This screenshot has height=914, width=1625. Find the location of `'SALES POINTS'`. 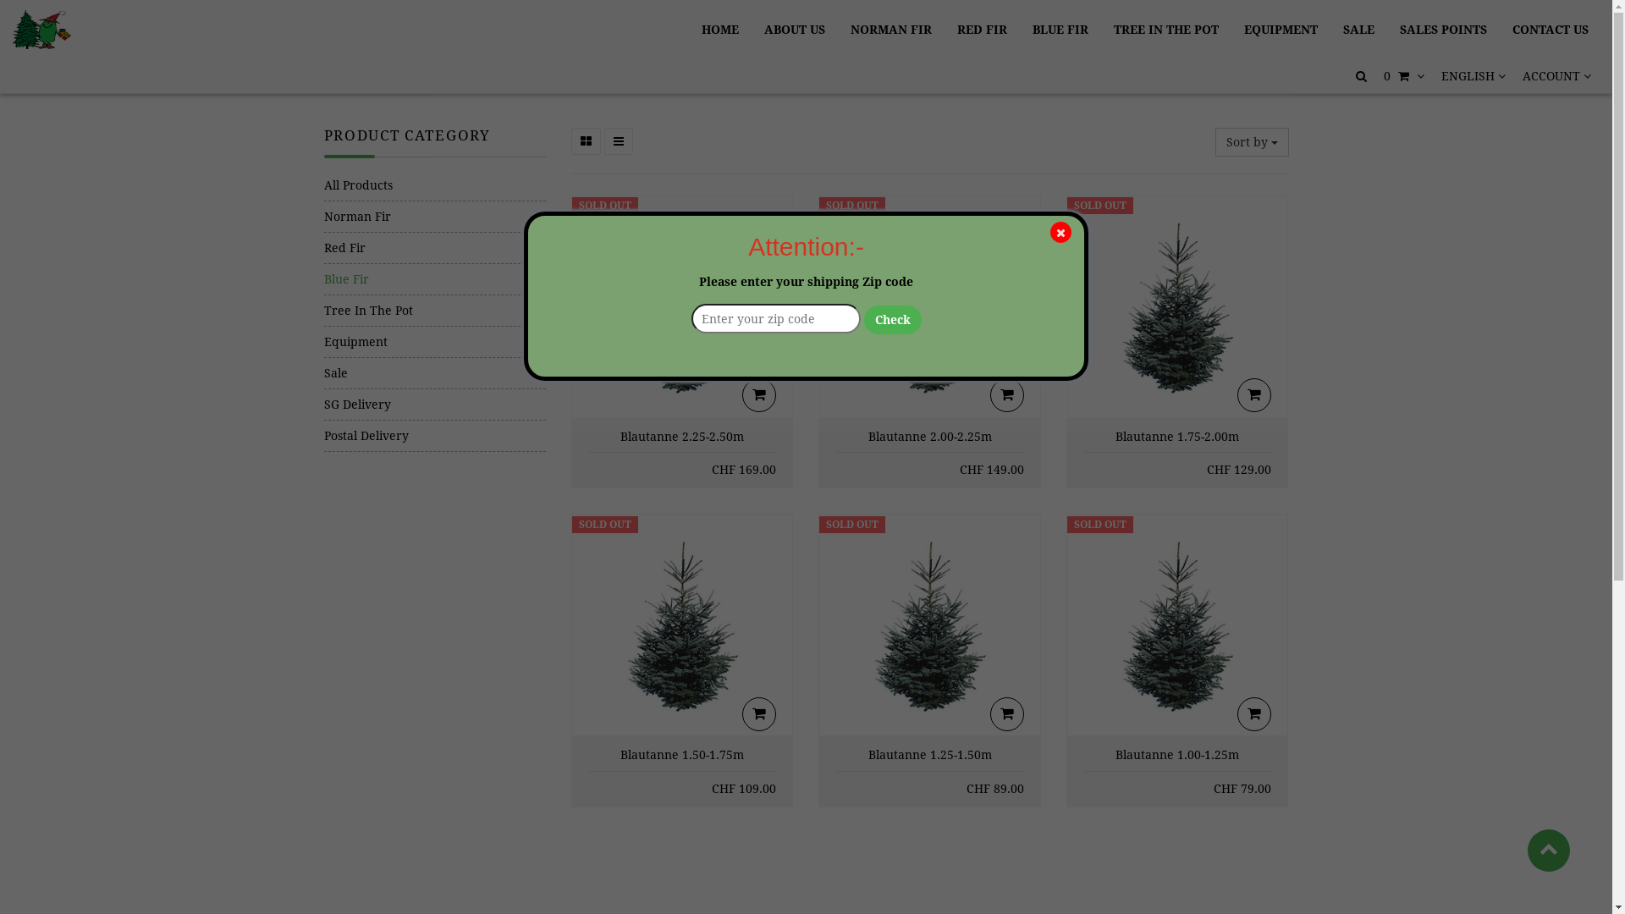

'SALES POINTS' is located at coordinates (1389, 29).